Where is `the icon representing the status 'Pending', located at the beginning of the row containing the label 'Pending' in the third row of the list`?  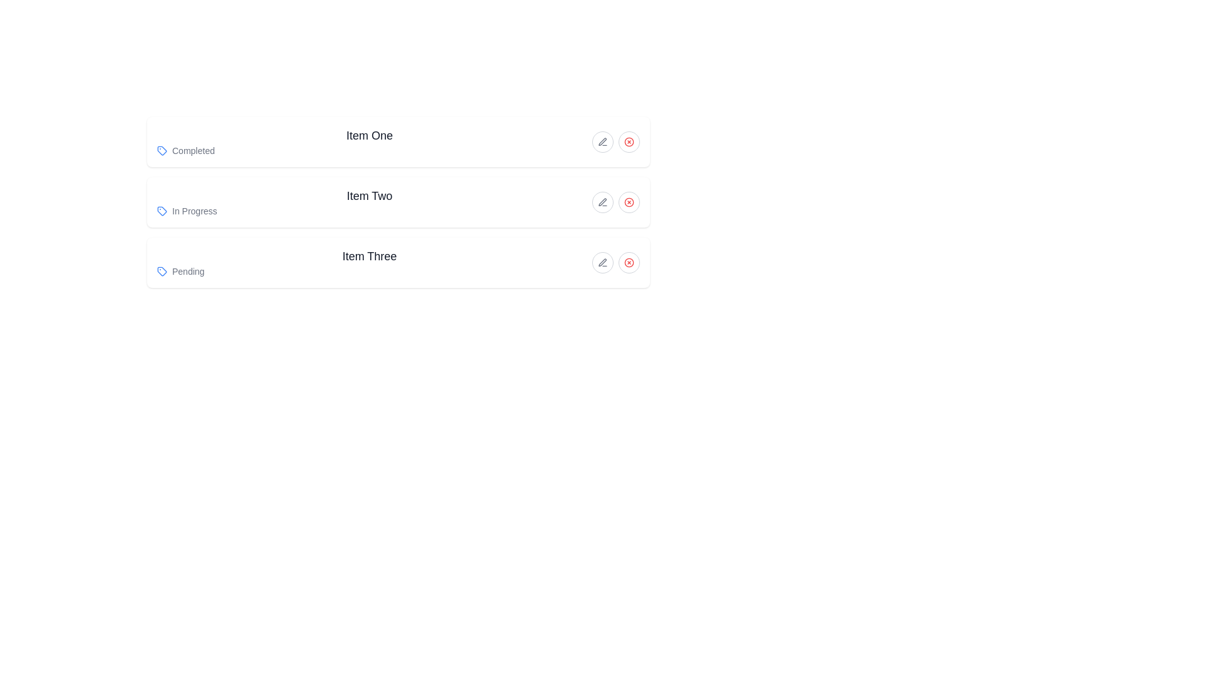 the icon representing the status 'Pending', located at the beginning of the row containing the label 'Pending' in the third row of the list is located at coordinates (162, 271).